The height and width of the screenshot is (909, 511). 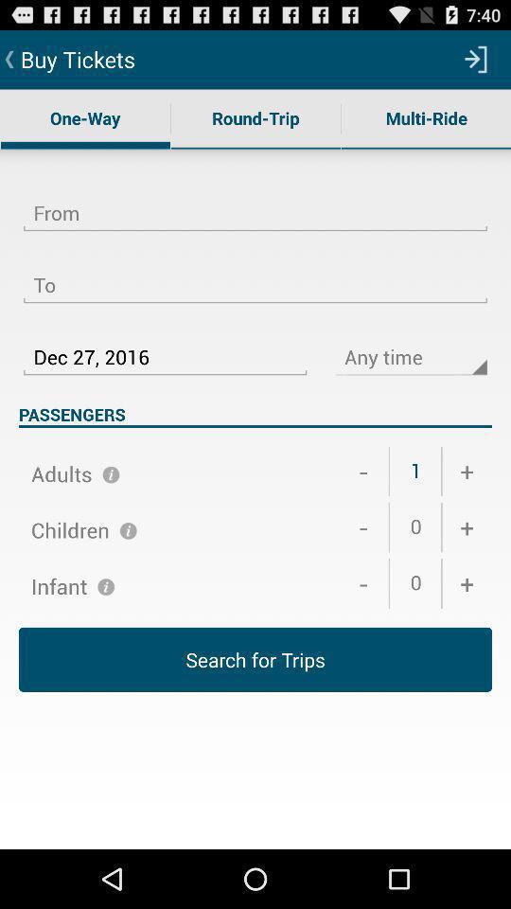 I want to click on the + item, so click(x=466, y=471).